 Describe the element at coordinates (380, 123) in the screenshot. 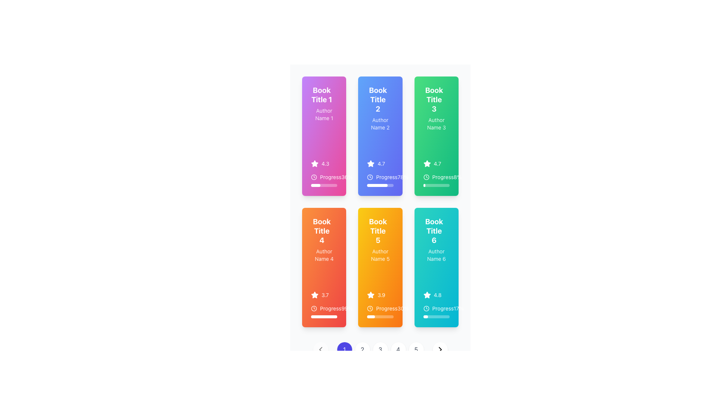

I see `the text label displaying the author's name associated with 'Book Title 2' on the blue card, located at the specified center coordinates` at that location.